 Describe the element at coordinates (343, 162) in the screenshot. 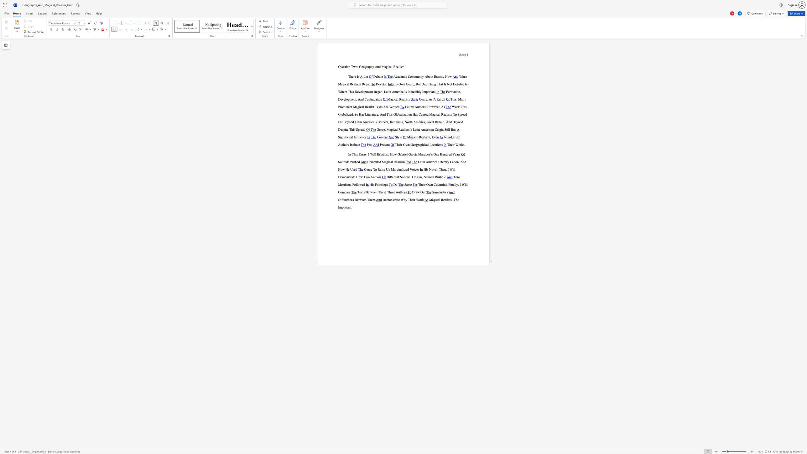

I see `the subset text "tude Pu" within the text "Solitude Pushed"` at that location.